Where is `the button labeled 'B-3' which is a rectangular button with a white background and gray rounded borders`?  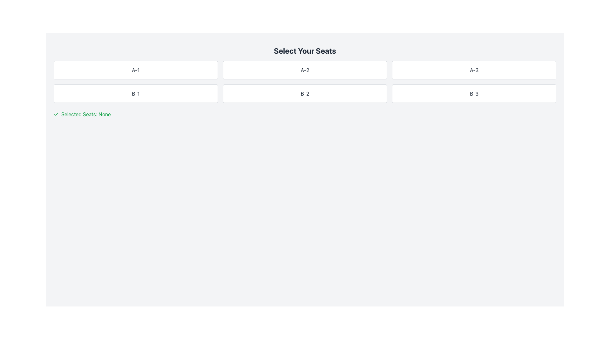 the button labeled 'B-3' which is a rectangular button with a white background and gray rounded borders is located at coordinates (474, 93).